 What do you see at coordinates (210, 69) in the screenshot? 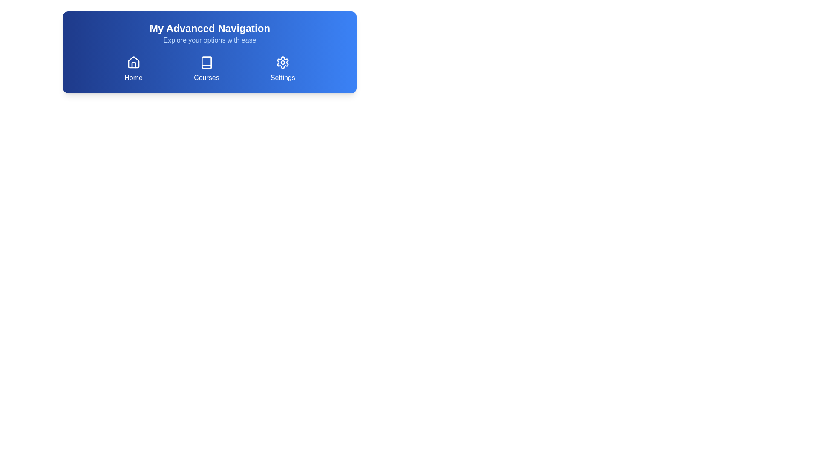
I see `the 'Courses' section of the navigation menu, which is the second item labeled with a book icon` at bounding box center [210, 69].